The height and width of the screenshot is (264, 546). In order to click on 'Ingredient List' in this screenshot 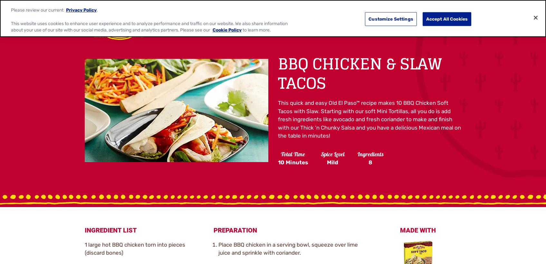, I will do `click(110, 230)`.